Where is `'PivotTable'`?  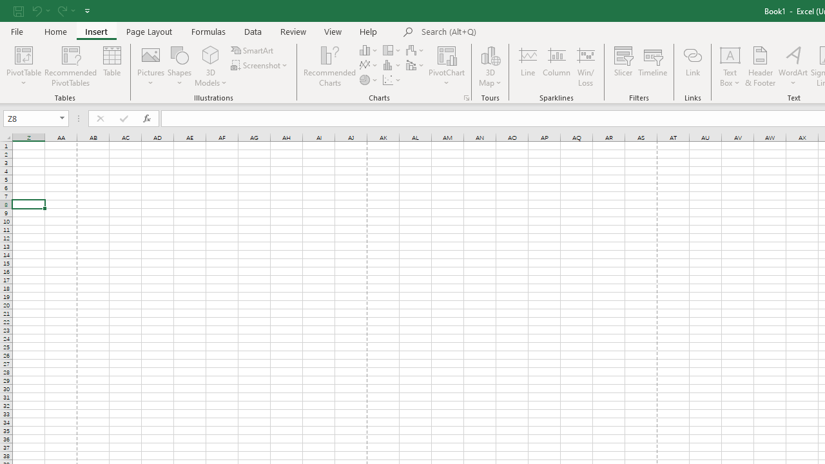 'PivotTable' is located at coordinates (24, 54).